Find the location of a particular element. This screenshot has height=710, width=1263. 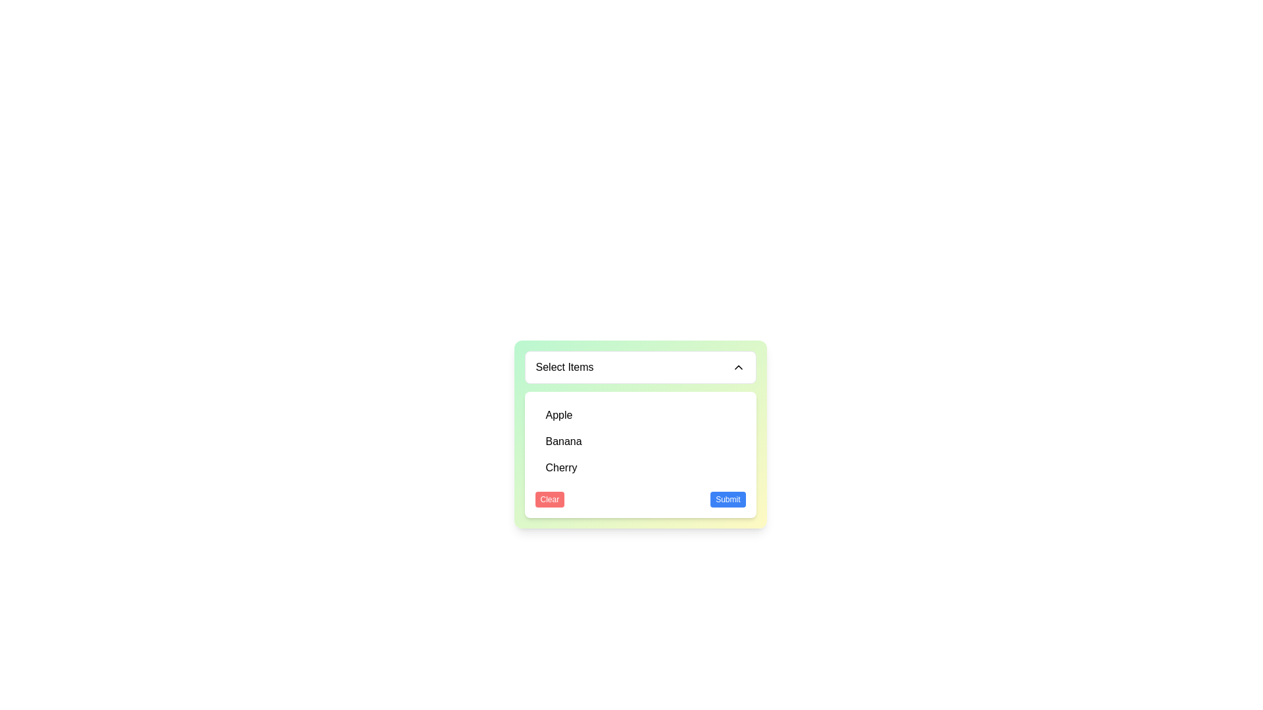

the list item displaying 'Cherry' is located at coordinates (640, 467).